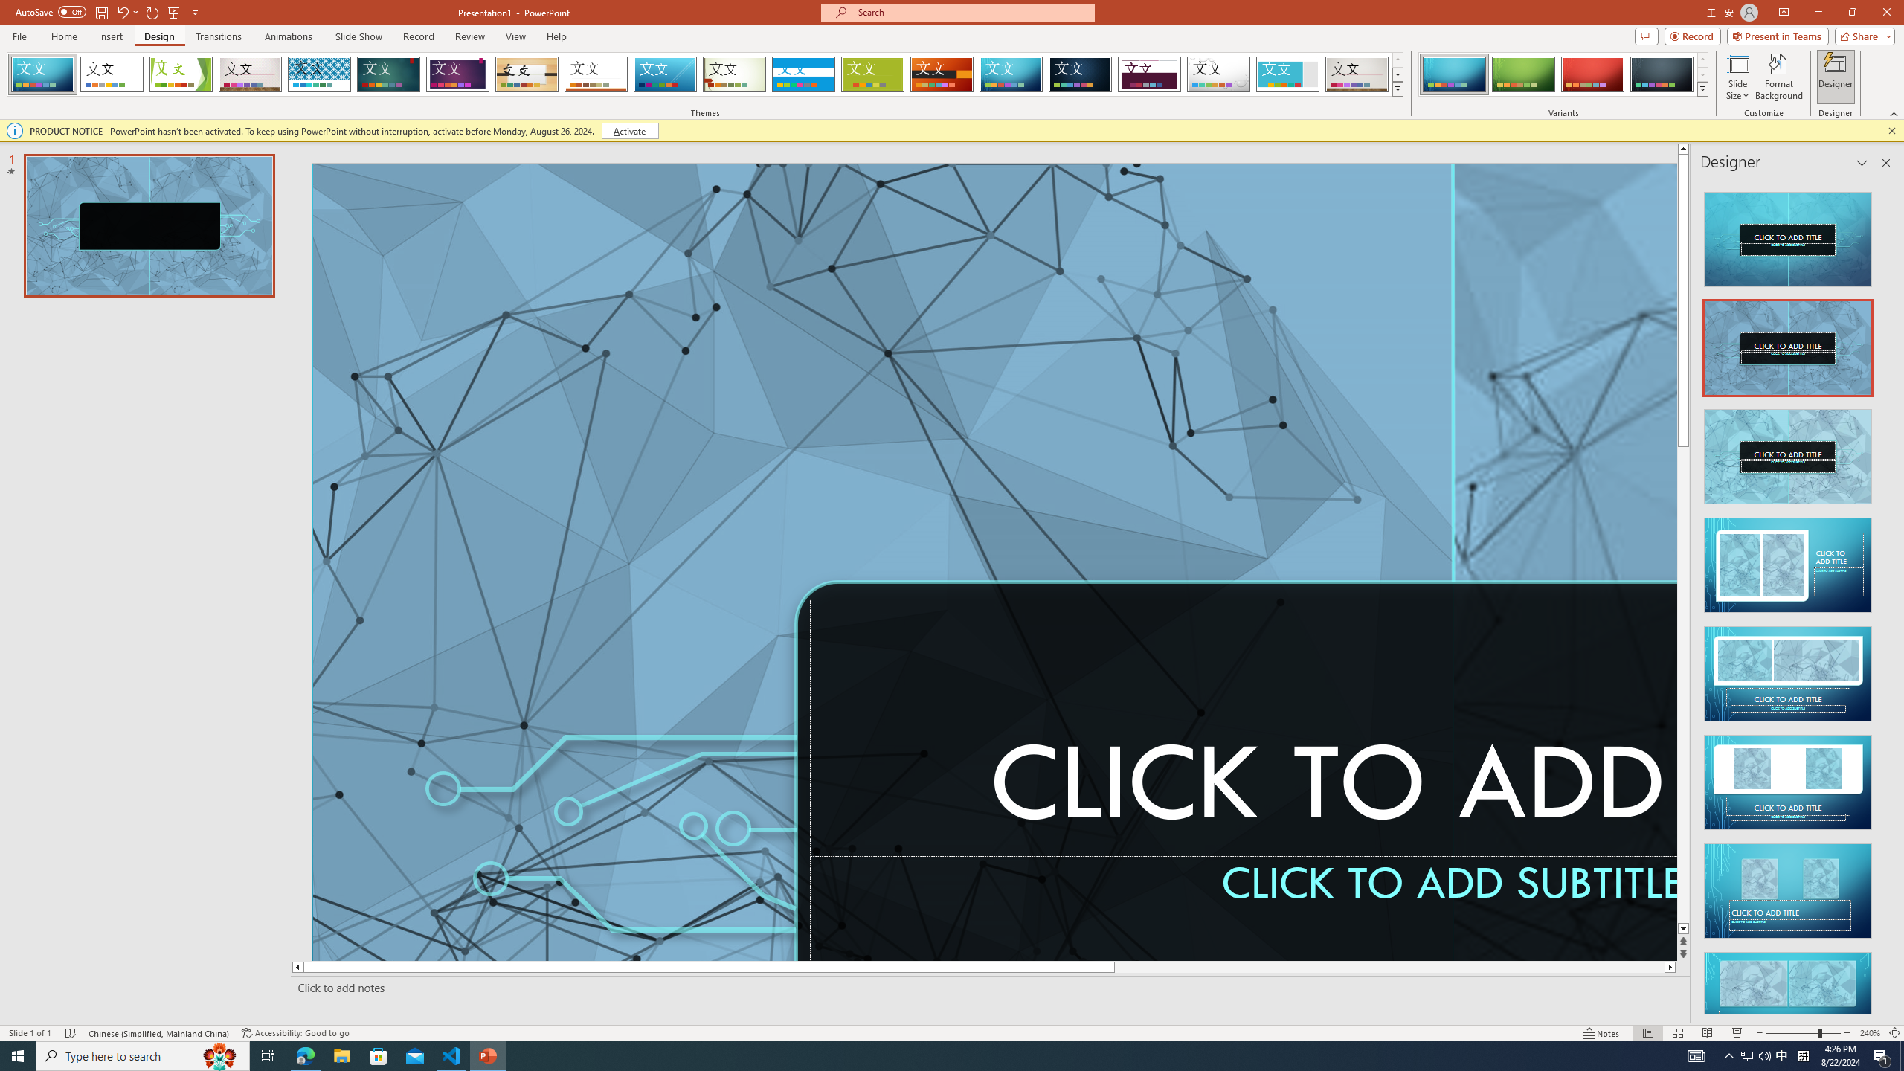  What do you see at coordinates (1453, 74) in the screenshot?
I see `'Circuit Variant 1'` at bounding box center [1453, 74].